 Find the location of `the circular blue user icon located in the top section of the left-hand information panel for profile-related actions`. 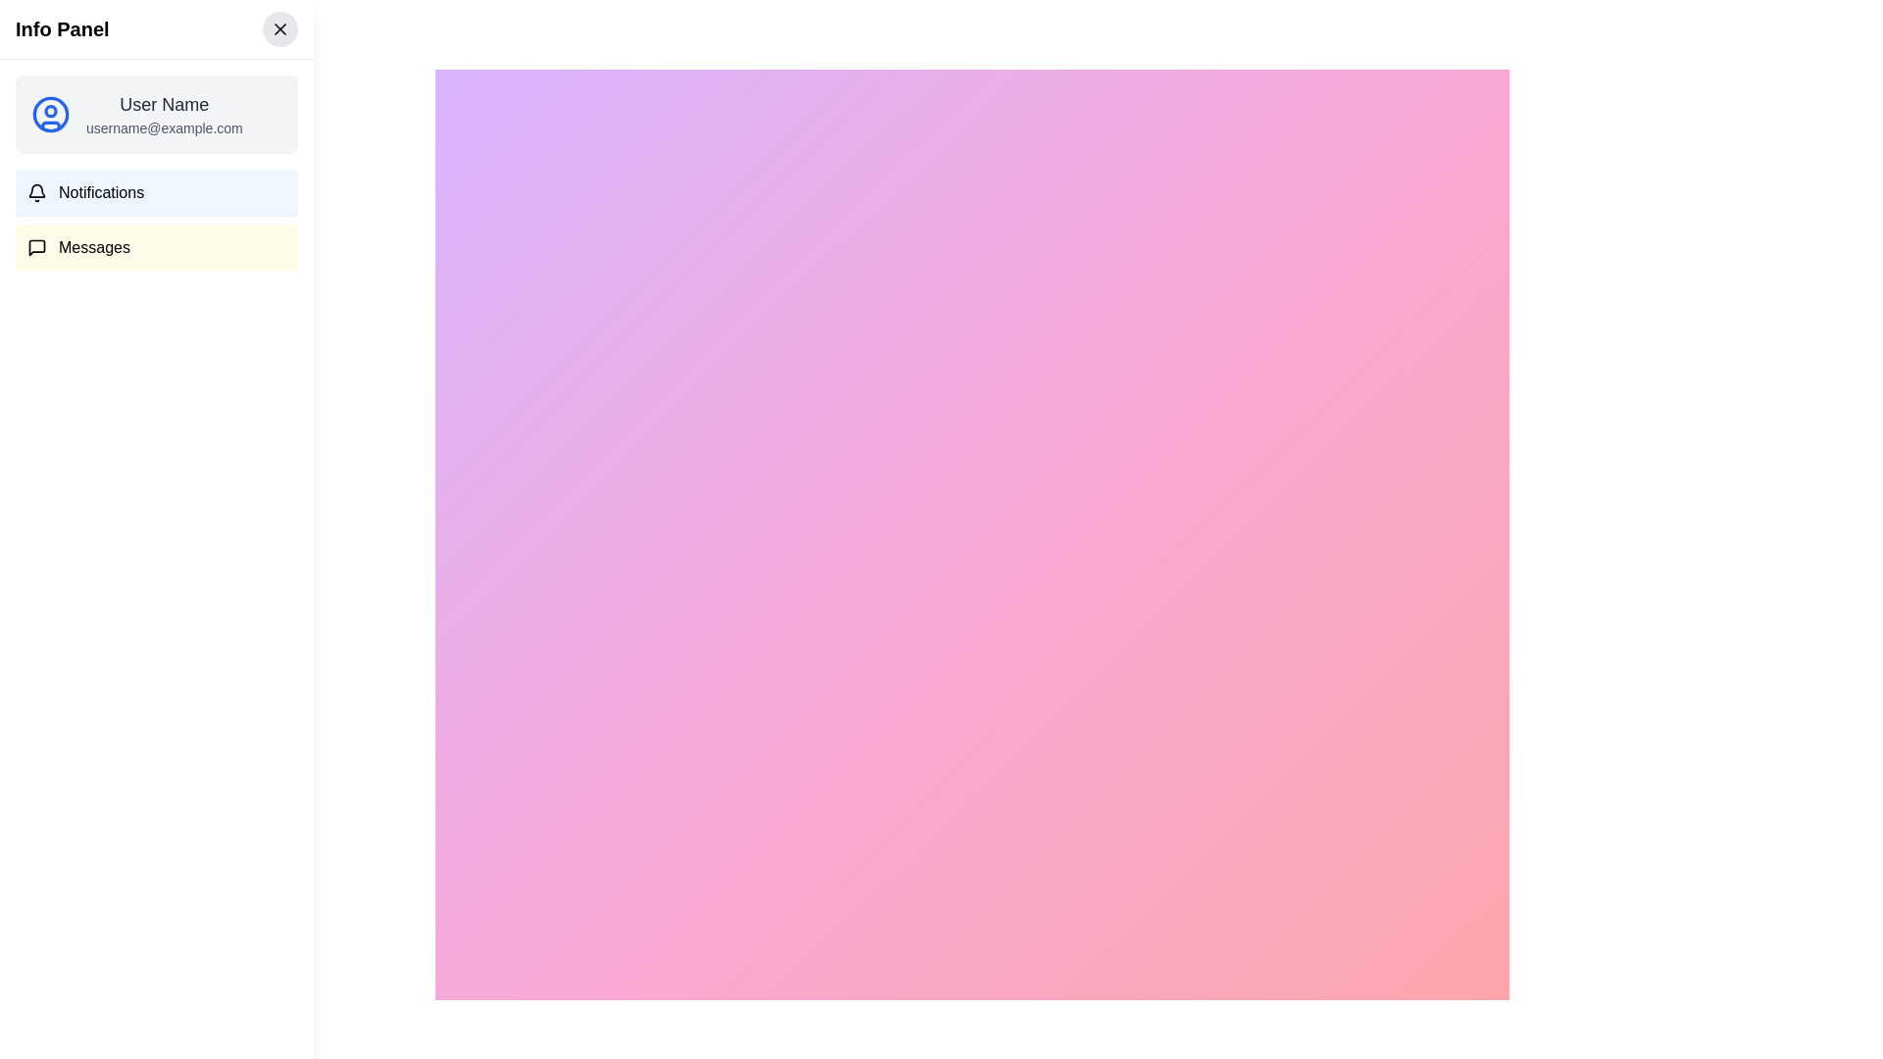

the circular blue user icon located in the top section of the left-hand information panel for profile-related actions is located at coordinates (51, 114).